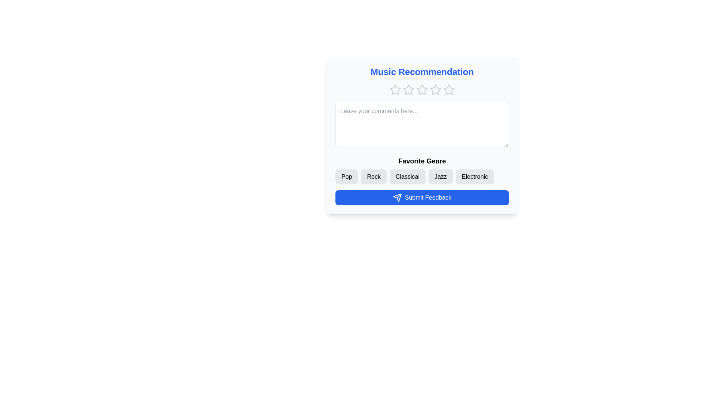 This screenshot has height=403, width=718. What do you see at coordinates (422, 89) in the screenshot?
I see `the second star button` at bounding box center [422, 89].